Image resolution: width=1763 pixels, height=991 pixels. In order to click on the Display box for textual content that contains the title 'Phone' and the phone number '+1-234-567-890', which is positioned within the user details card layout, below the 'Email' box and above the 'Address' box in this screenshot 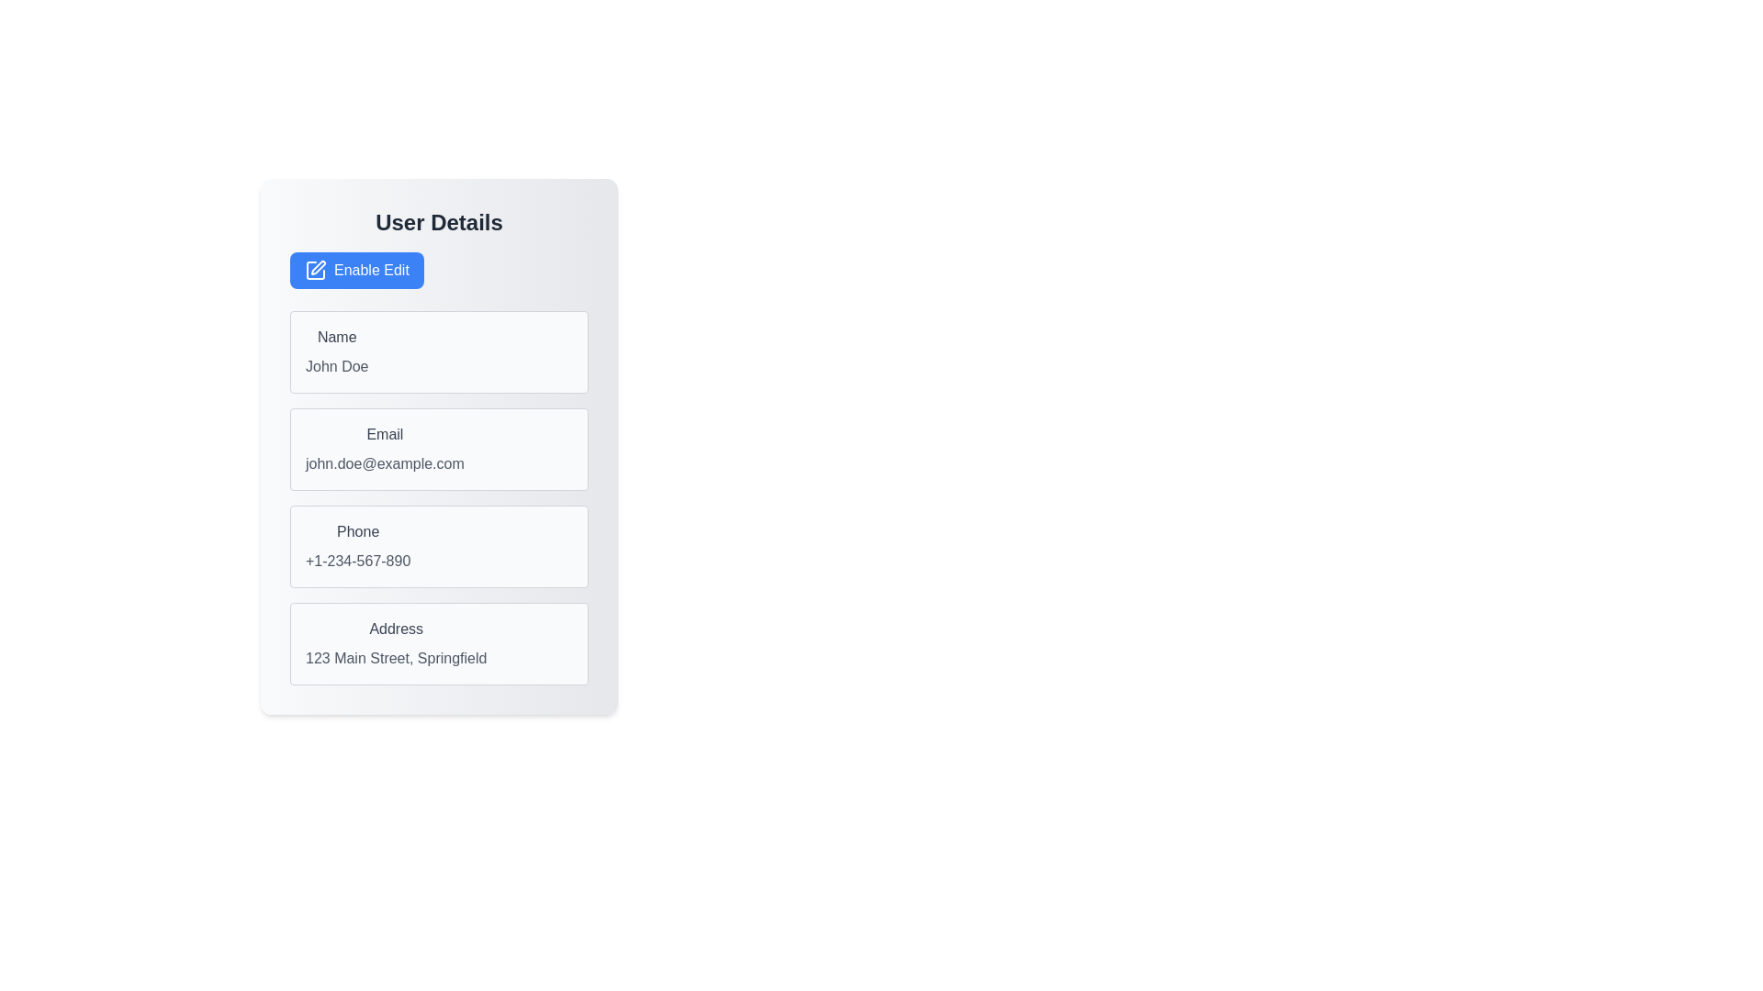, I will do `click(438, 546)`.